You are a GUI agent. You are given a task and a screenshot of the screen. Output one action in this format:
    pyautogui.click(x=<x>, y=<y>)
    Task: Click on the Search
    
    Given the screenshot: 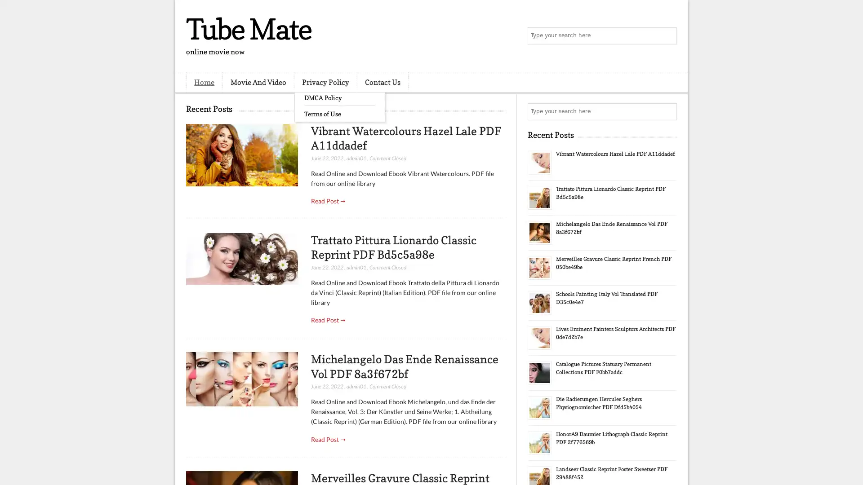 What is the action you would take?
    pyautogui.click(x=667, y=36)
    